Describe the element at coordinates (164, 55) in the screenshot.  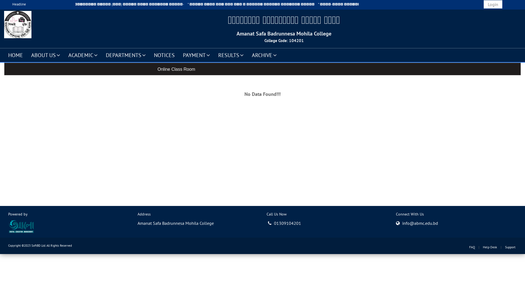
I see `'NOTICES'` at that location.